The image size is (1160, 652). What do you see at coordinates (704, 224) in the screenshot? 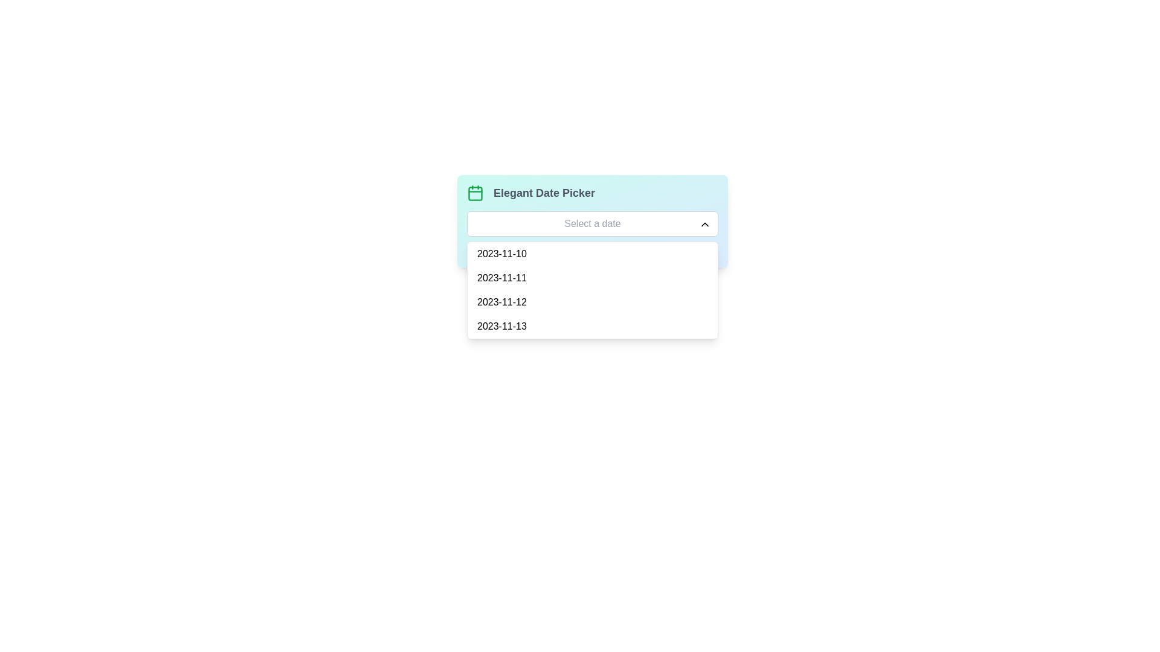
I see `the arrow icon button in the upper-right corner of the date input field` at bounding box center [704, 224].